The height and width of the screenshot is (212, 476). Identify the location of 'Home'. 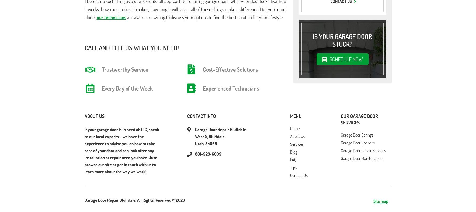
(295, 128).